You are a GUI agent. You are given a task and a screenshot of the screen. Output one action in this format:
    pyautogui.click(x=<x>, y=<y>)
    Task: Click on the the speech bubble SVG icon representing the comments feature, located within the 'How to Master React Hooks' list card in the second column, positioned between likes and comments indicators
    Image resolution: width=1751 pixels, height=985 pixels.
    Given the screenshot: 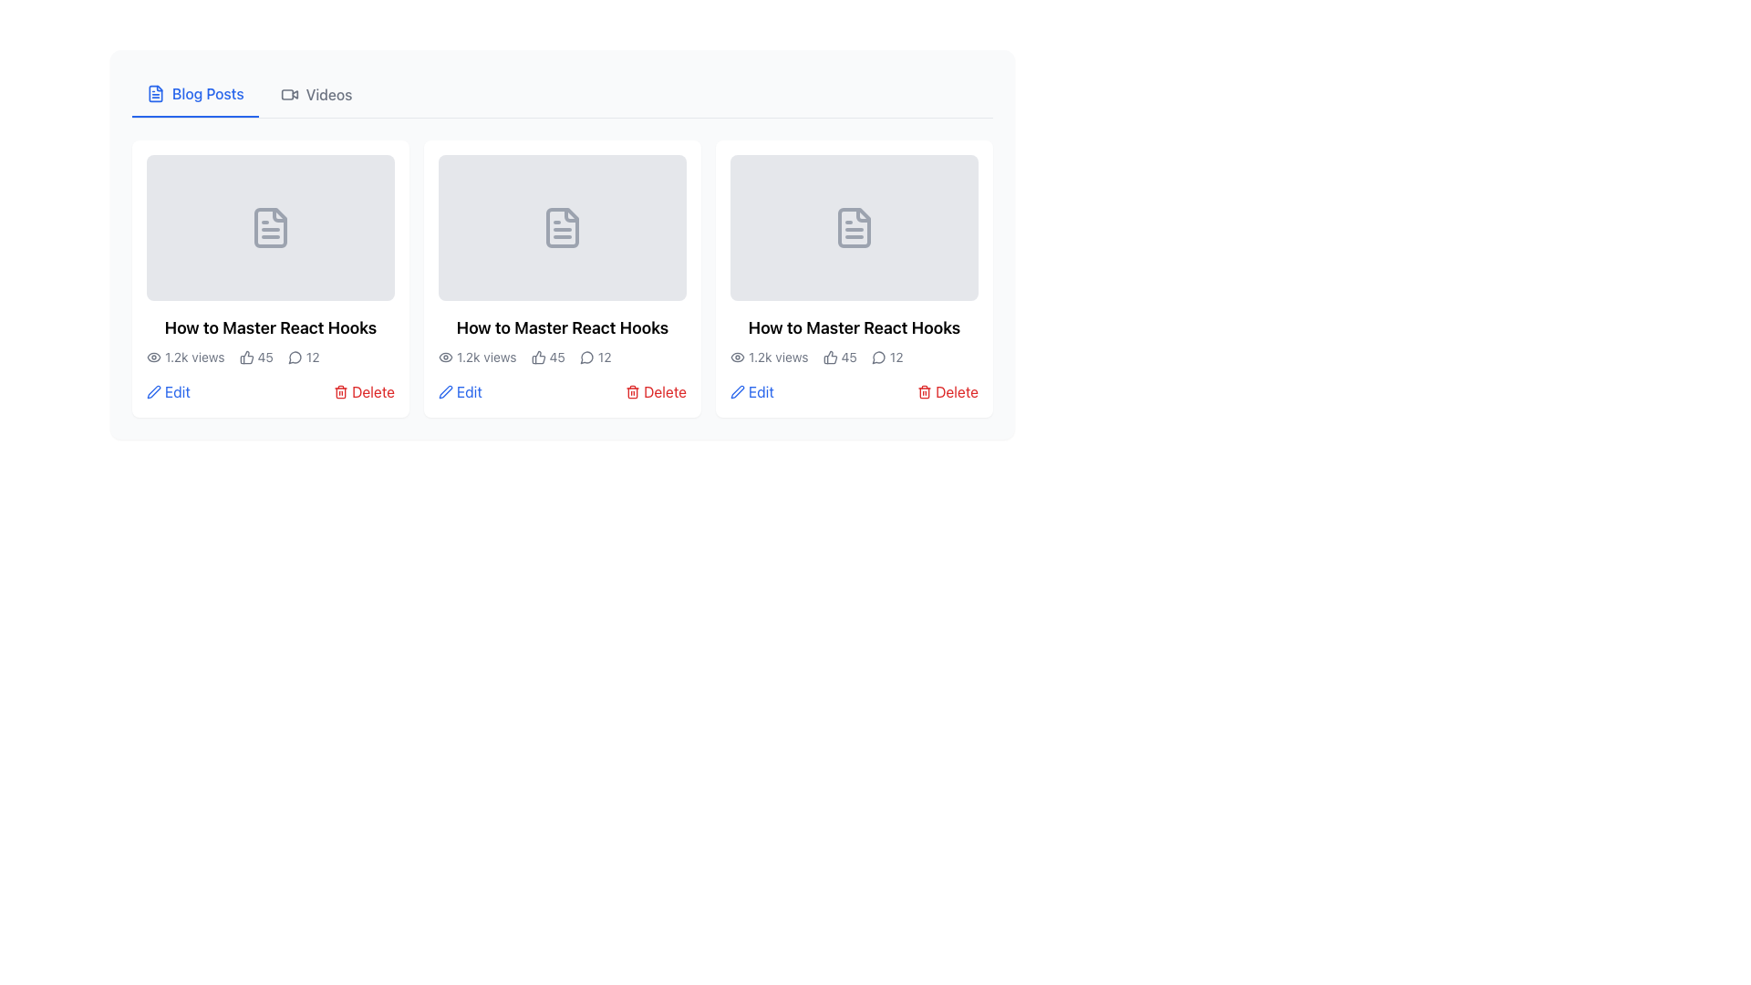 What is the action you would take?
    pyautogui.click(x=586, y=358)
    